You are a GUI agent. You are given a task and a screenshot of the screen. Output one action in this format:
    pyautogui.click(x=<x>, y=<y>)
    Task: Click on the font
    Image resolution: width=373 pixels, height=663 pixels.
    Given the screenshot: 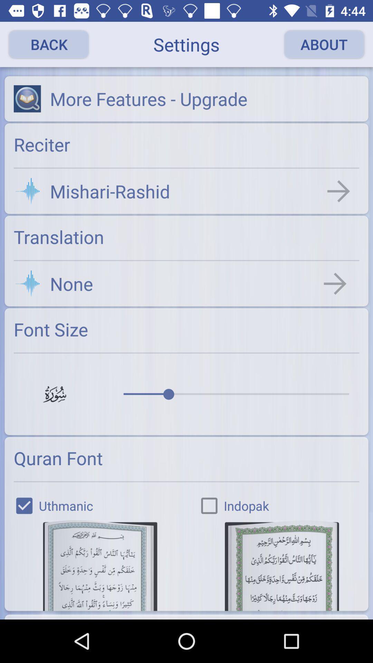 What is the action you would take?
    pyautogui.click(x=100, y=565)
    